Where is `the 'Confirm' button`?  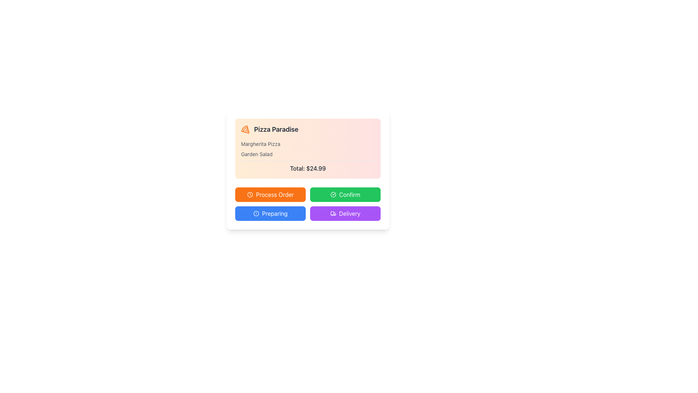 the 'Confirm' button is located at coordinates (349, 194).